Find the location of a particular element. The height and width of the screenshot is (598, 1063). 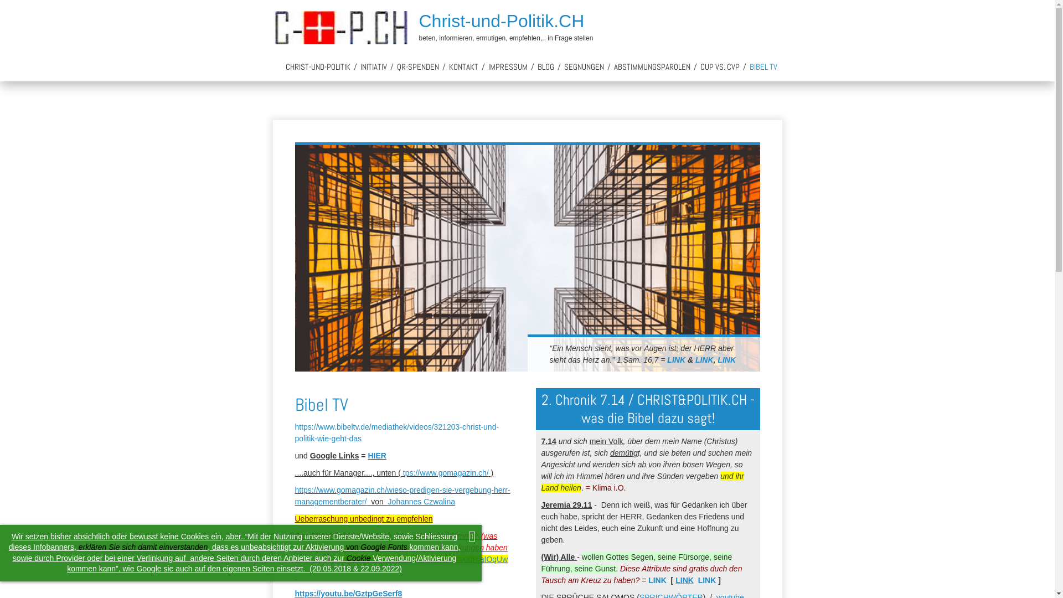

'LINK' is located at coordinates (666, 360).